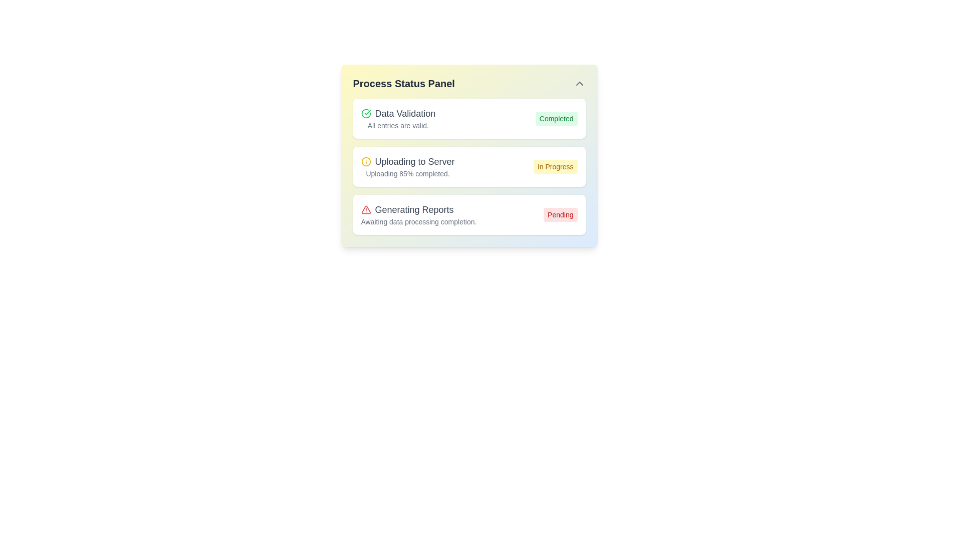 Image resolution: width=962 pixels, height=541 pixels. I want to click on the Status Card displaying 'Uploading to Server' with the badge 'In Progress', so click(468, 166).